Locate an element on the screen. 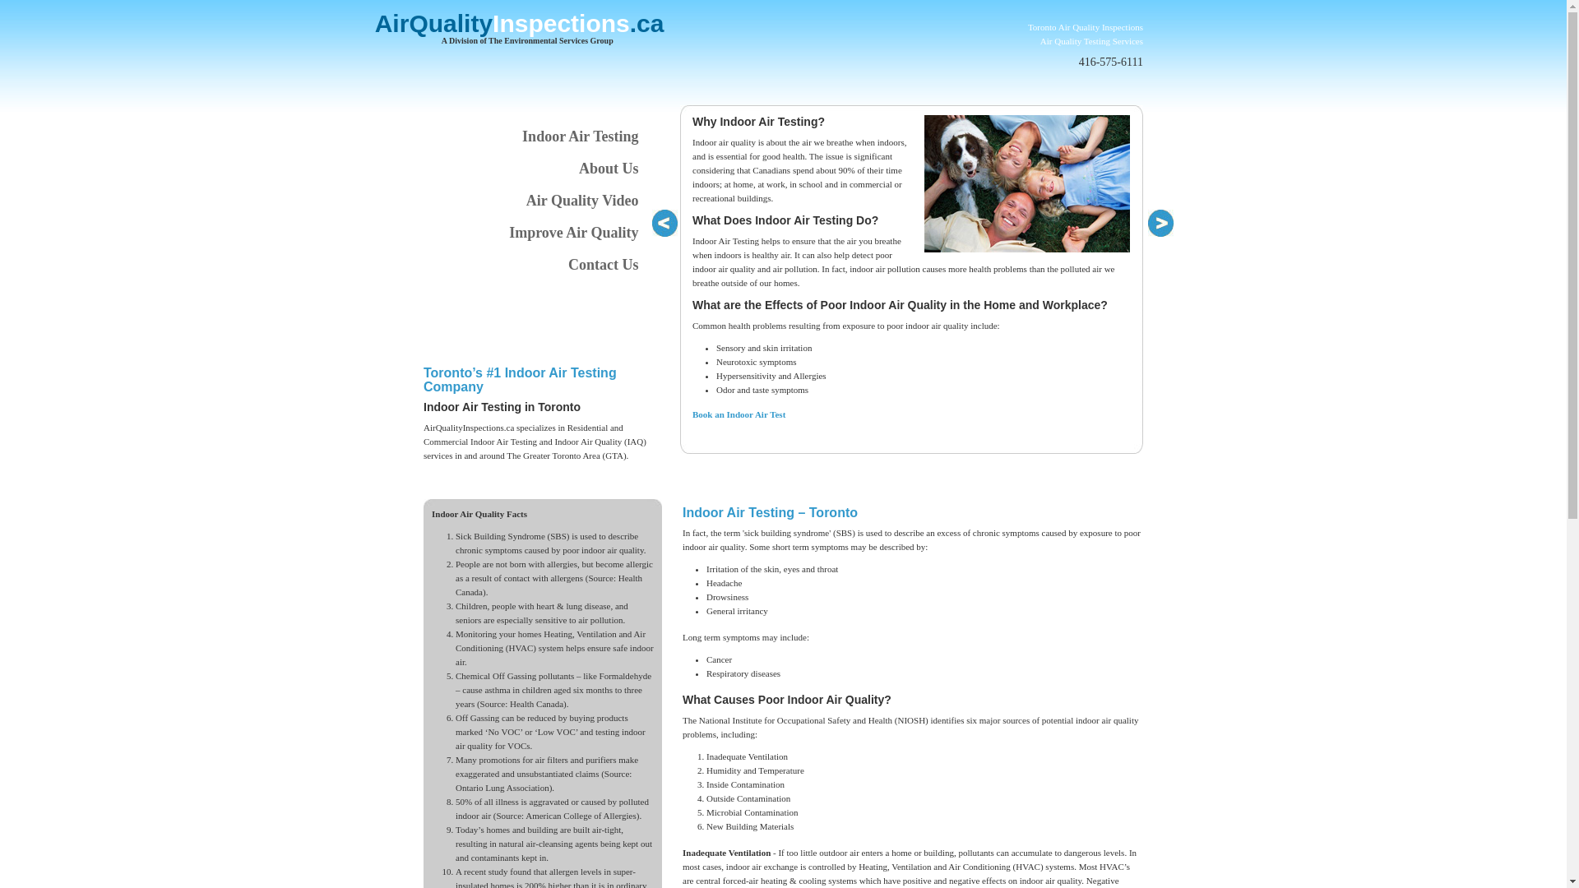  'Improve Air Quality' is located at coordinates (535, 233).